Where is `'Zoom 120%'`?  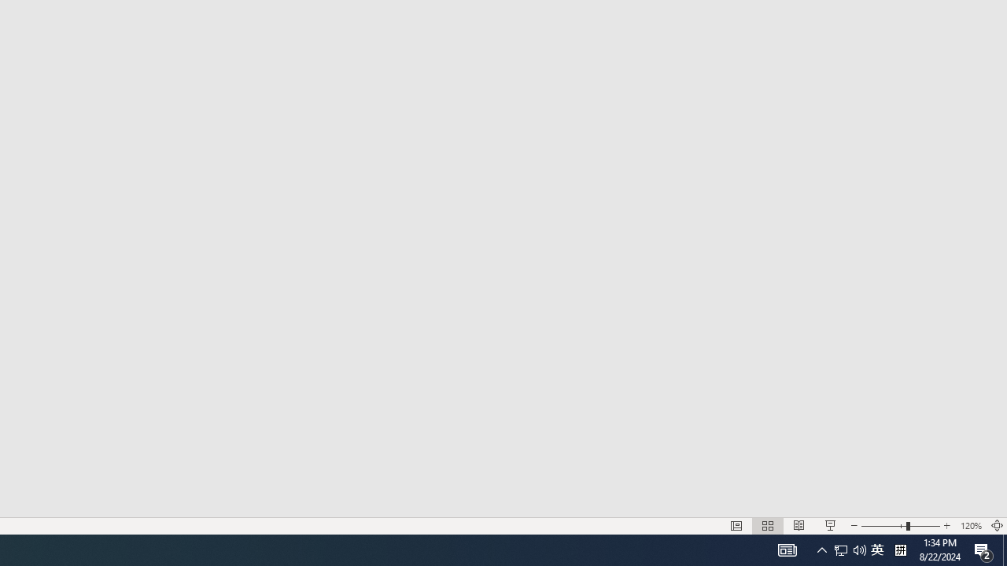 'Zoom 120%' is located at coordinates (970, 526).